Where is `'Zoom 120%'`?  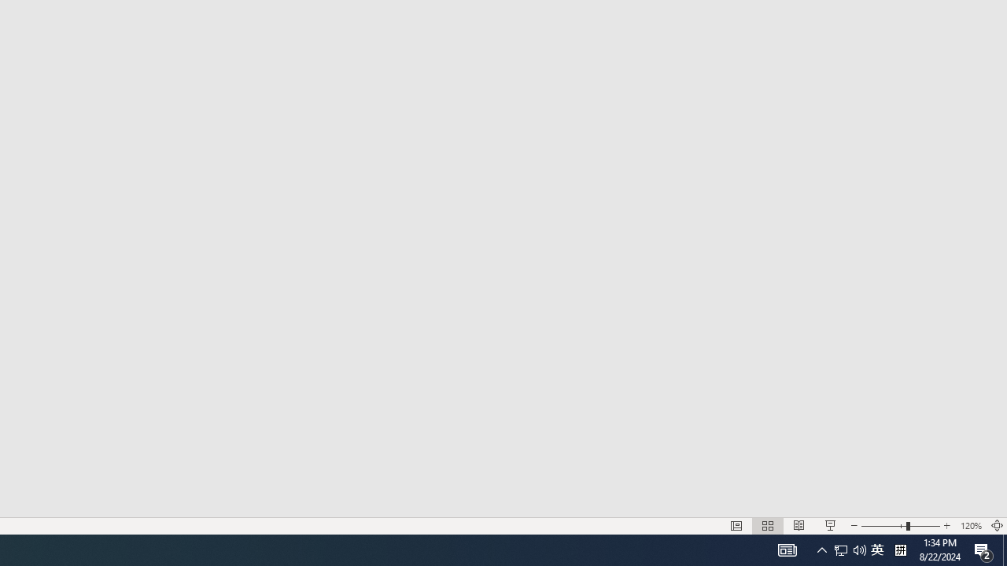 'Zoom 120%' is located at coordinates (970, 526).